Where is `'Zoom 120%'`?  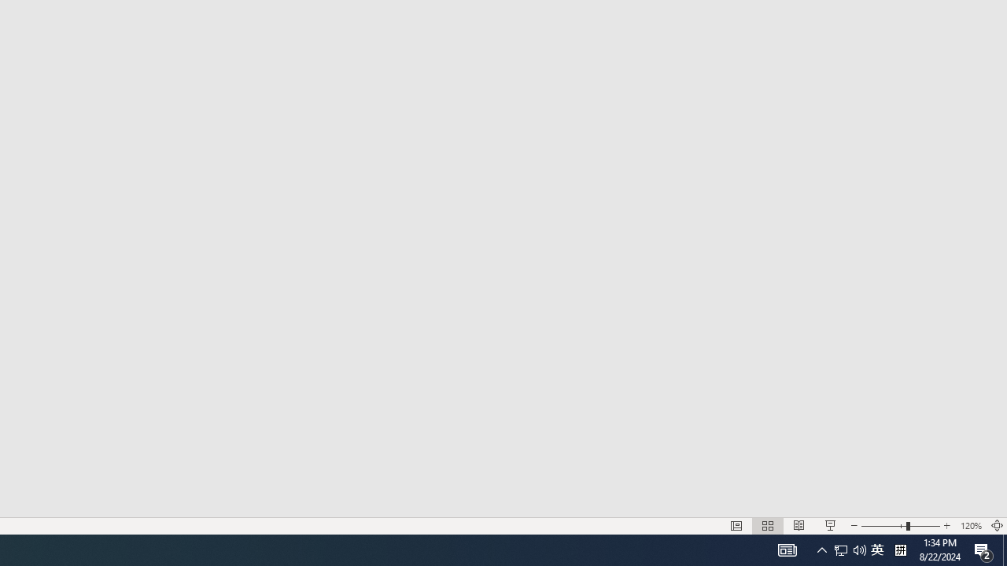 'Zoom 120%' is located at coordinates (970, 526).